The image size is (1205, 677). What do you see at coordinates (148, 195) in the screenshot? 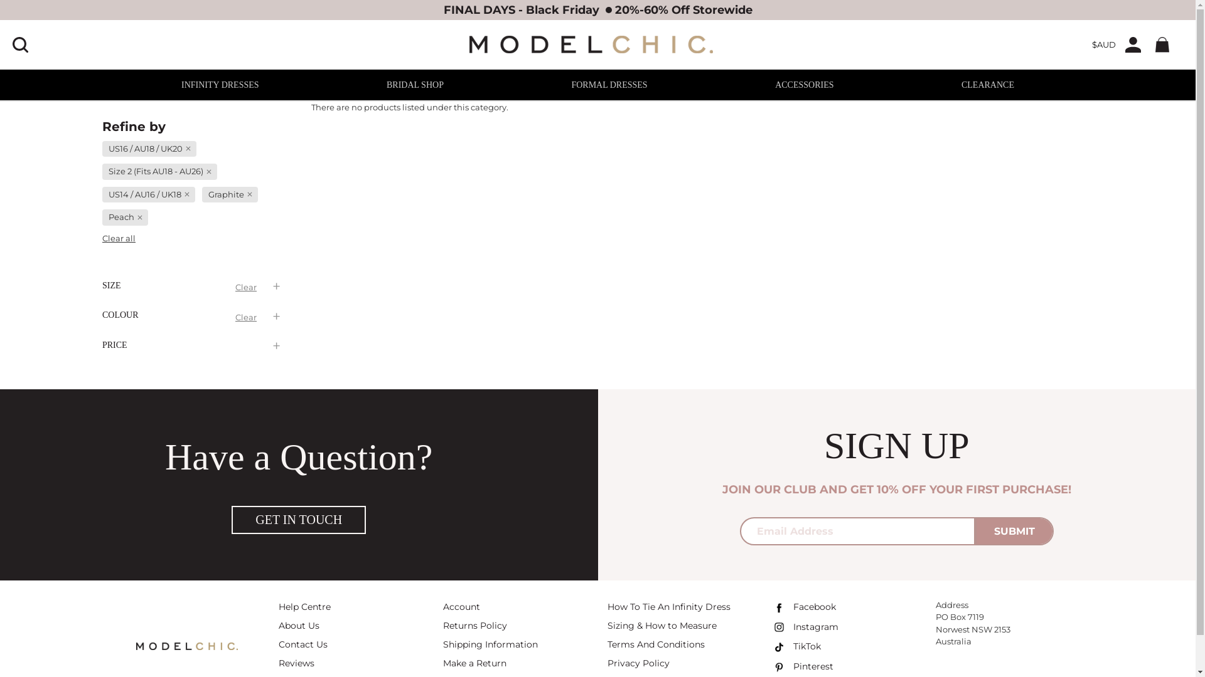
I see `'US14 / AU16 / UK18'` at bounding box center [148, 195].